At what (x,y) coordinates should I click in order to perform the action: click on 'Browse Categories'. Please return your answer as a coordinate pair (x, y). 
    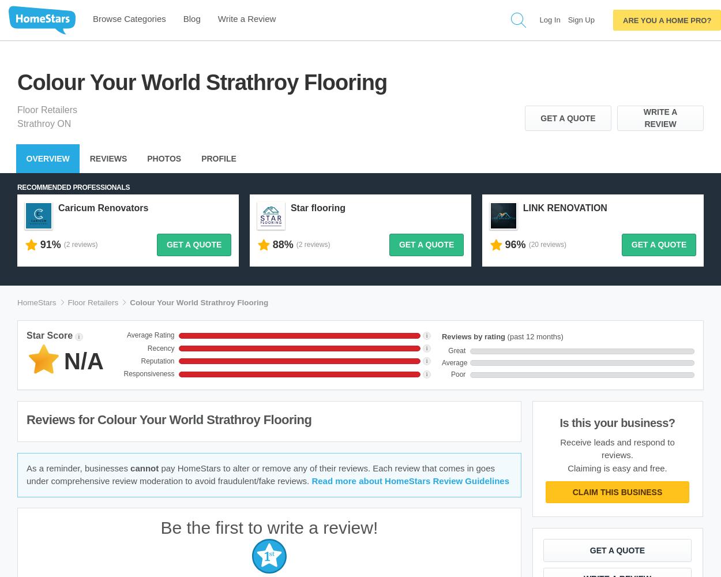
    Looking at the image, I should click on (129, 18).